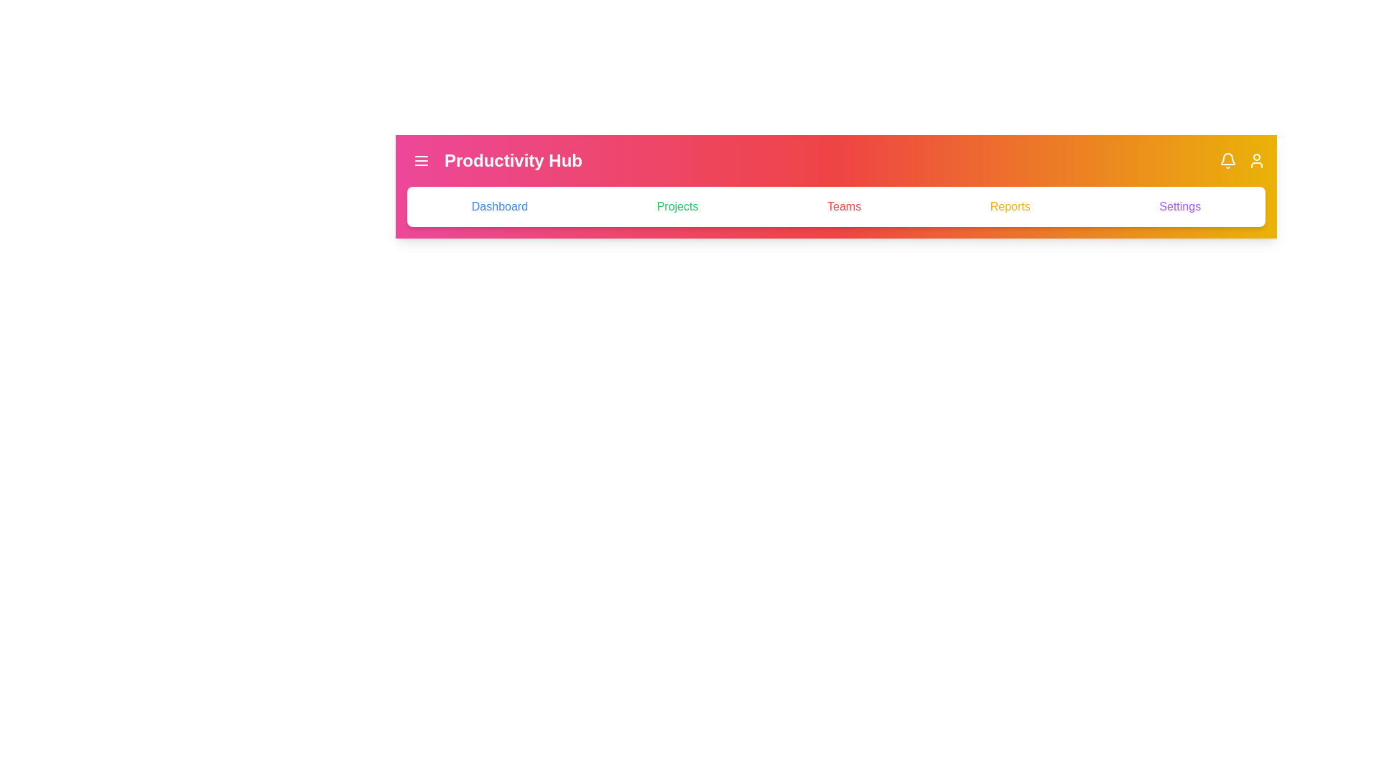 The image size is (1379, 776). I want to click on the tab named Teams, so click(844, 207).